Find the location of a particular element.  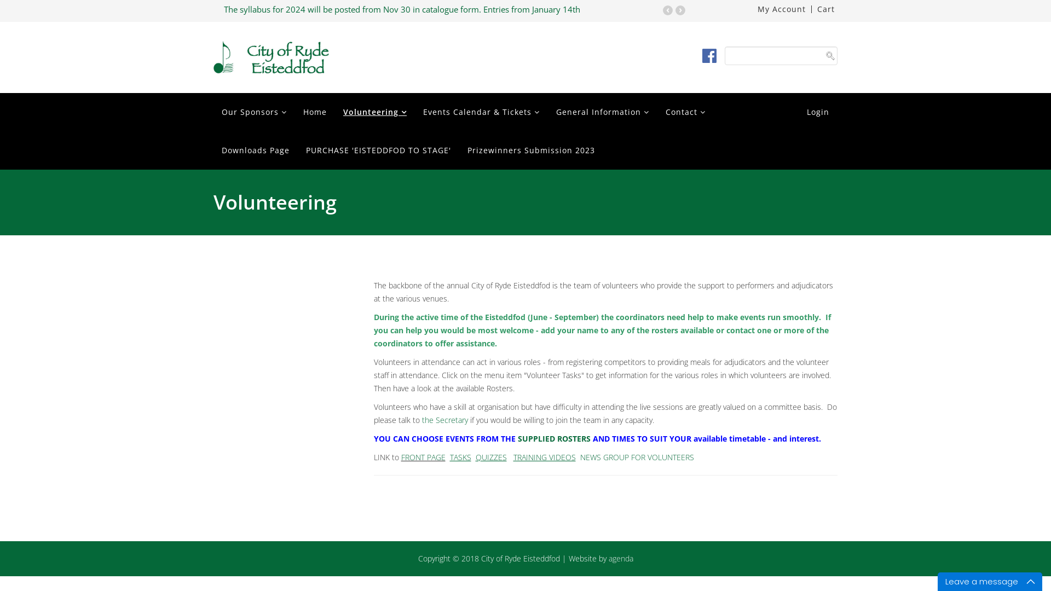

'SUPPLIED ROSTERS' is located at coordinates (517, 438).